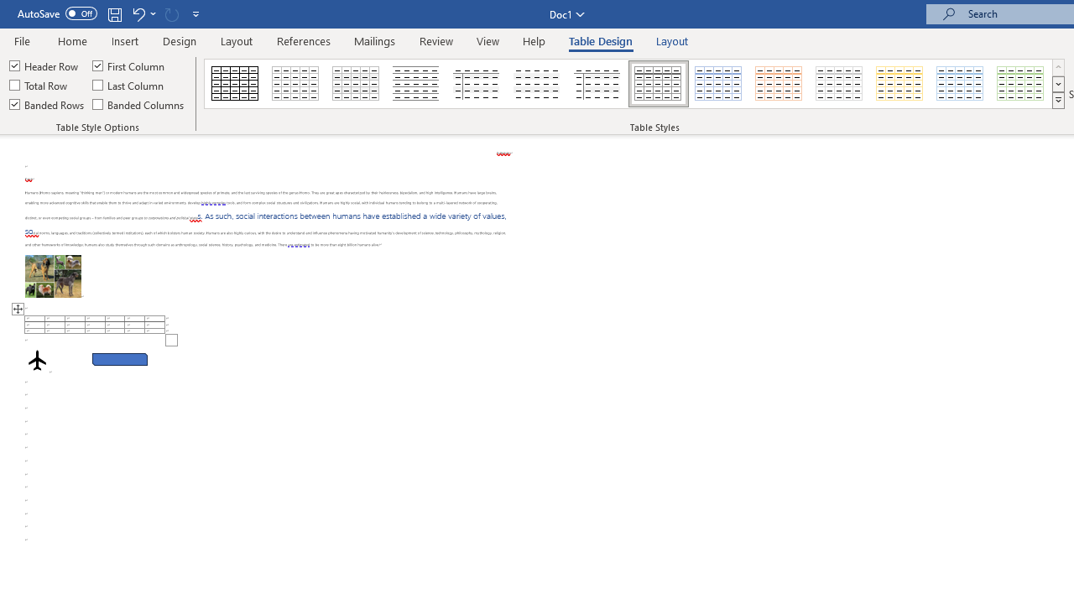  Describe the element at coordinates (57, 13) in the screenshot. I see `'AutoSave'` at that location.